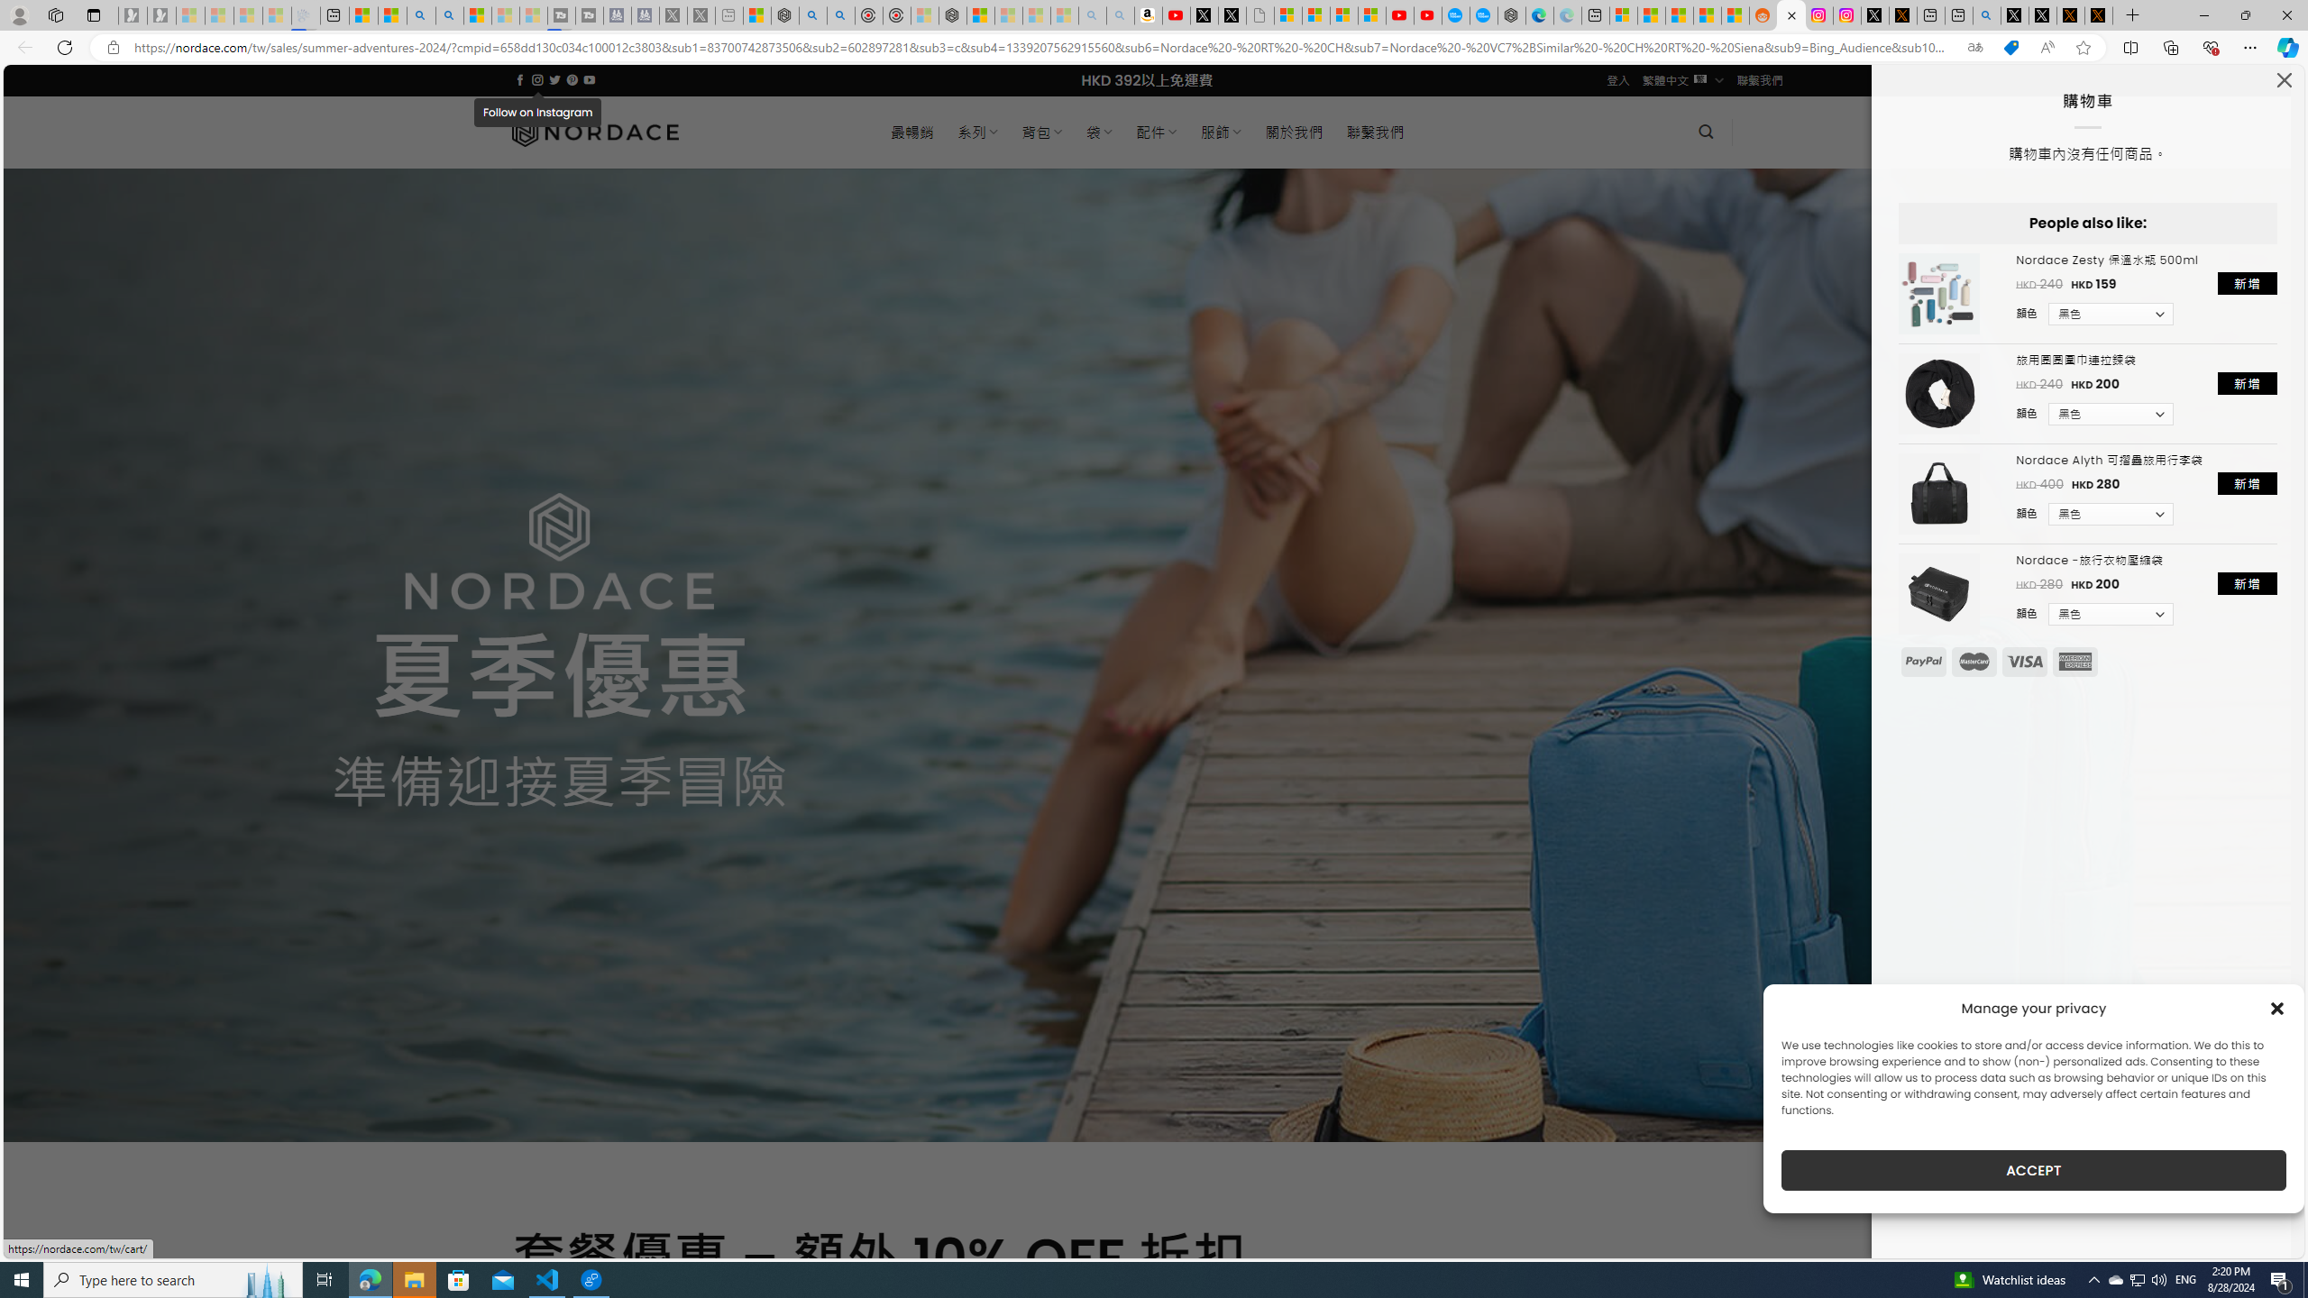  I want to click on 'ACCEPT', so click(2033, 1170).